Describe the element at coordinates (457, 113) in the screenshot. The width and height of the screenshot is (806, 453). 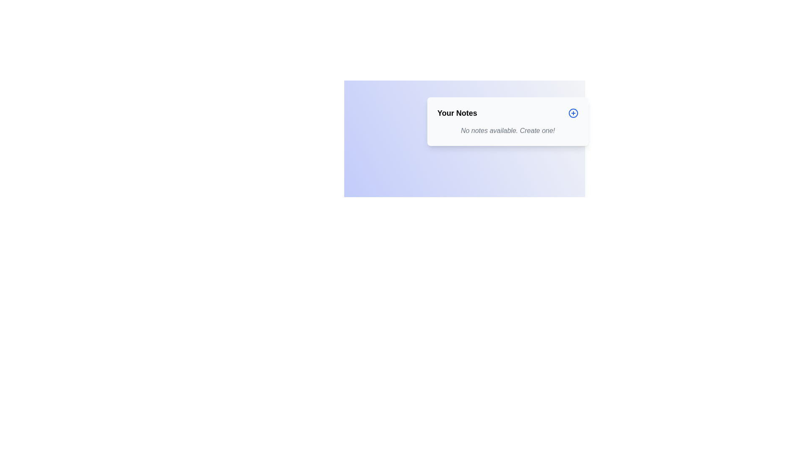
I see `the header text element positioned at the top-left corner of the main content box, which serves as a title for the section` at that location.